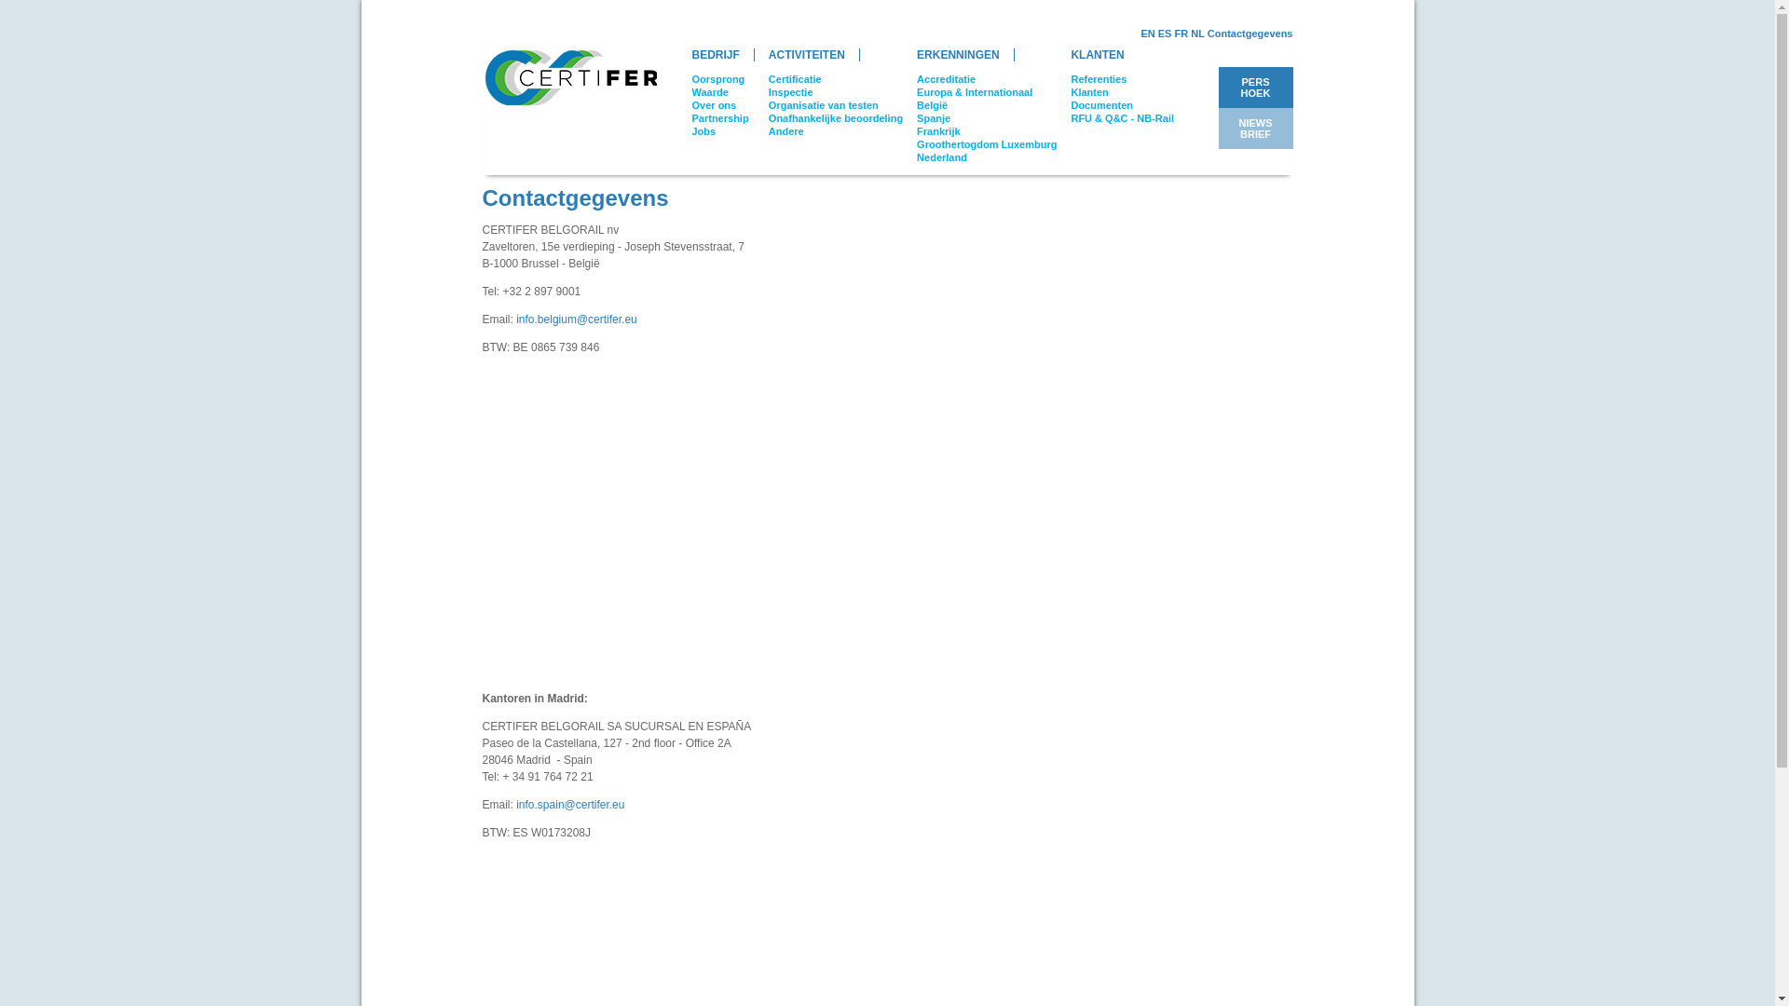 The image size is (1789, 1006). What do you see at coordinates (1197, 33) in the screenshot?
I see `'NL'` at bounding box center [1197, 33].